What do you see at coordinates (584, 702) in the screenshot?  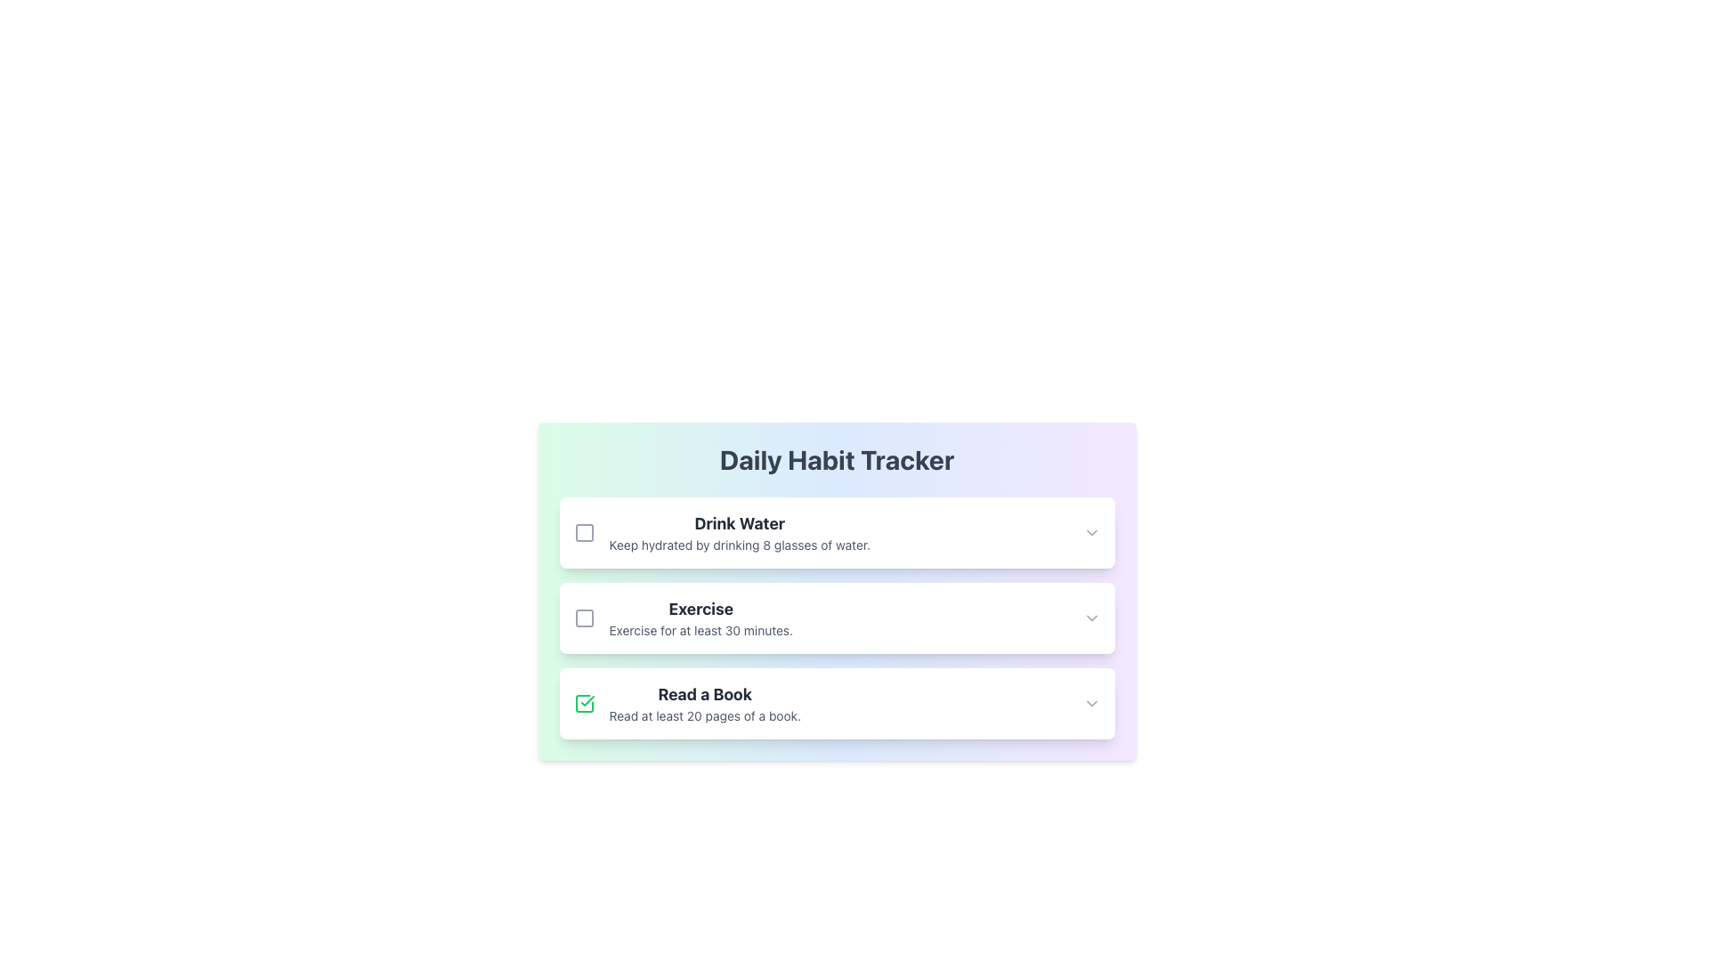 I see `the background or border of the checkbox icon representing the 'checked' state for the 'Read a Book' habit tracker entry in the Daily Habit Tracker interface` at bounding box center [584, 702].